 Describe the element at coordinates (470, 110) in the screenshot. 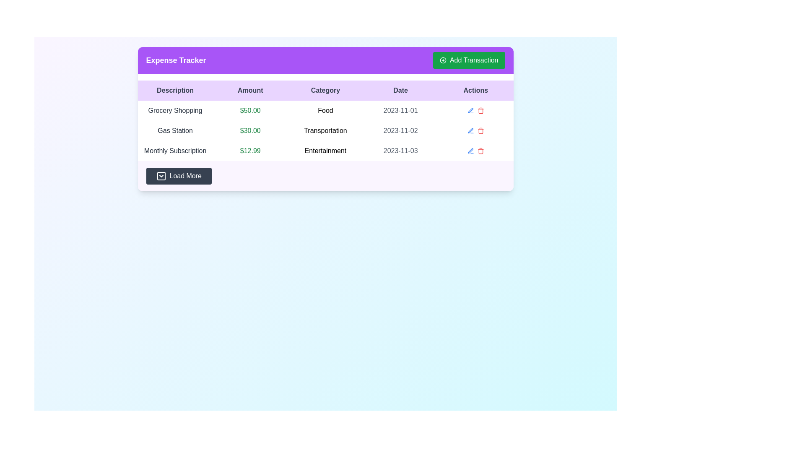

I see `the blue pencil icon button located in the 'Actions' column of the second data row, adjacent to 'Transportation'` at that location.